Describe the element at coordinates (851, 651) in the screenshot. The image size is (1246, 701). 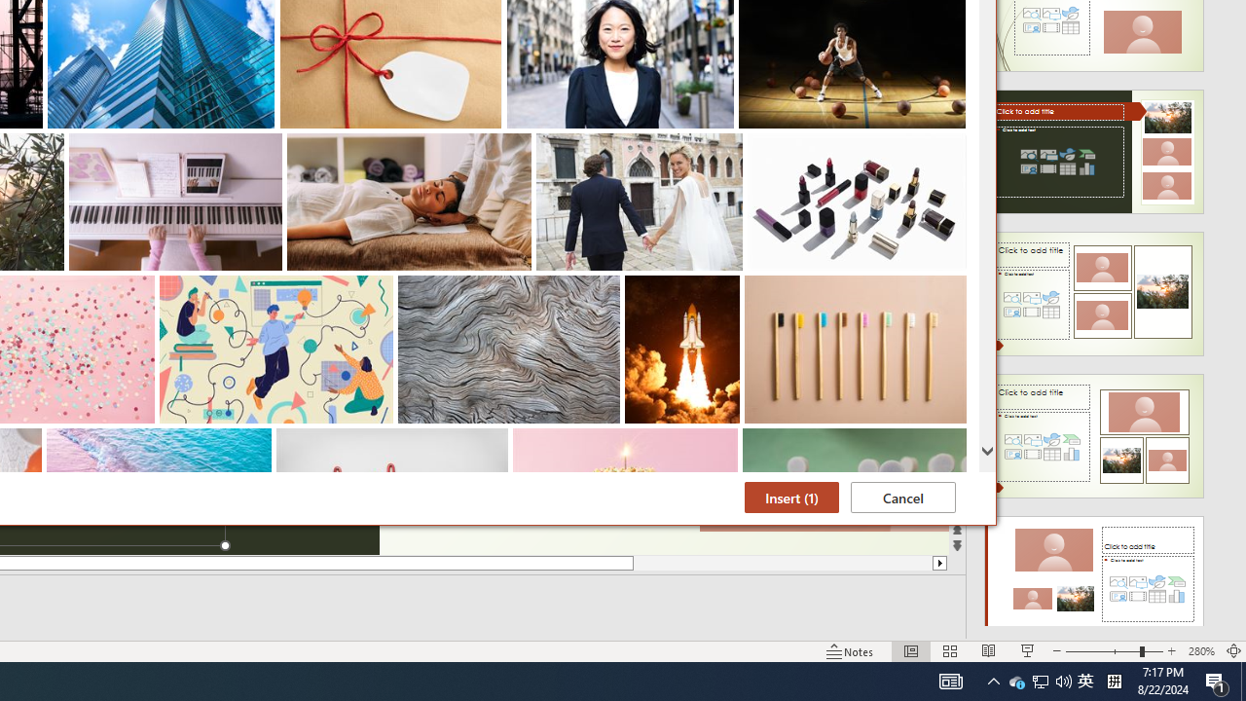
I see `'Notes '` at that location.